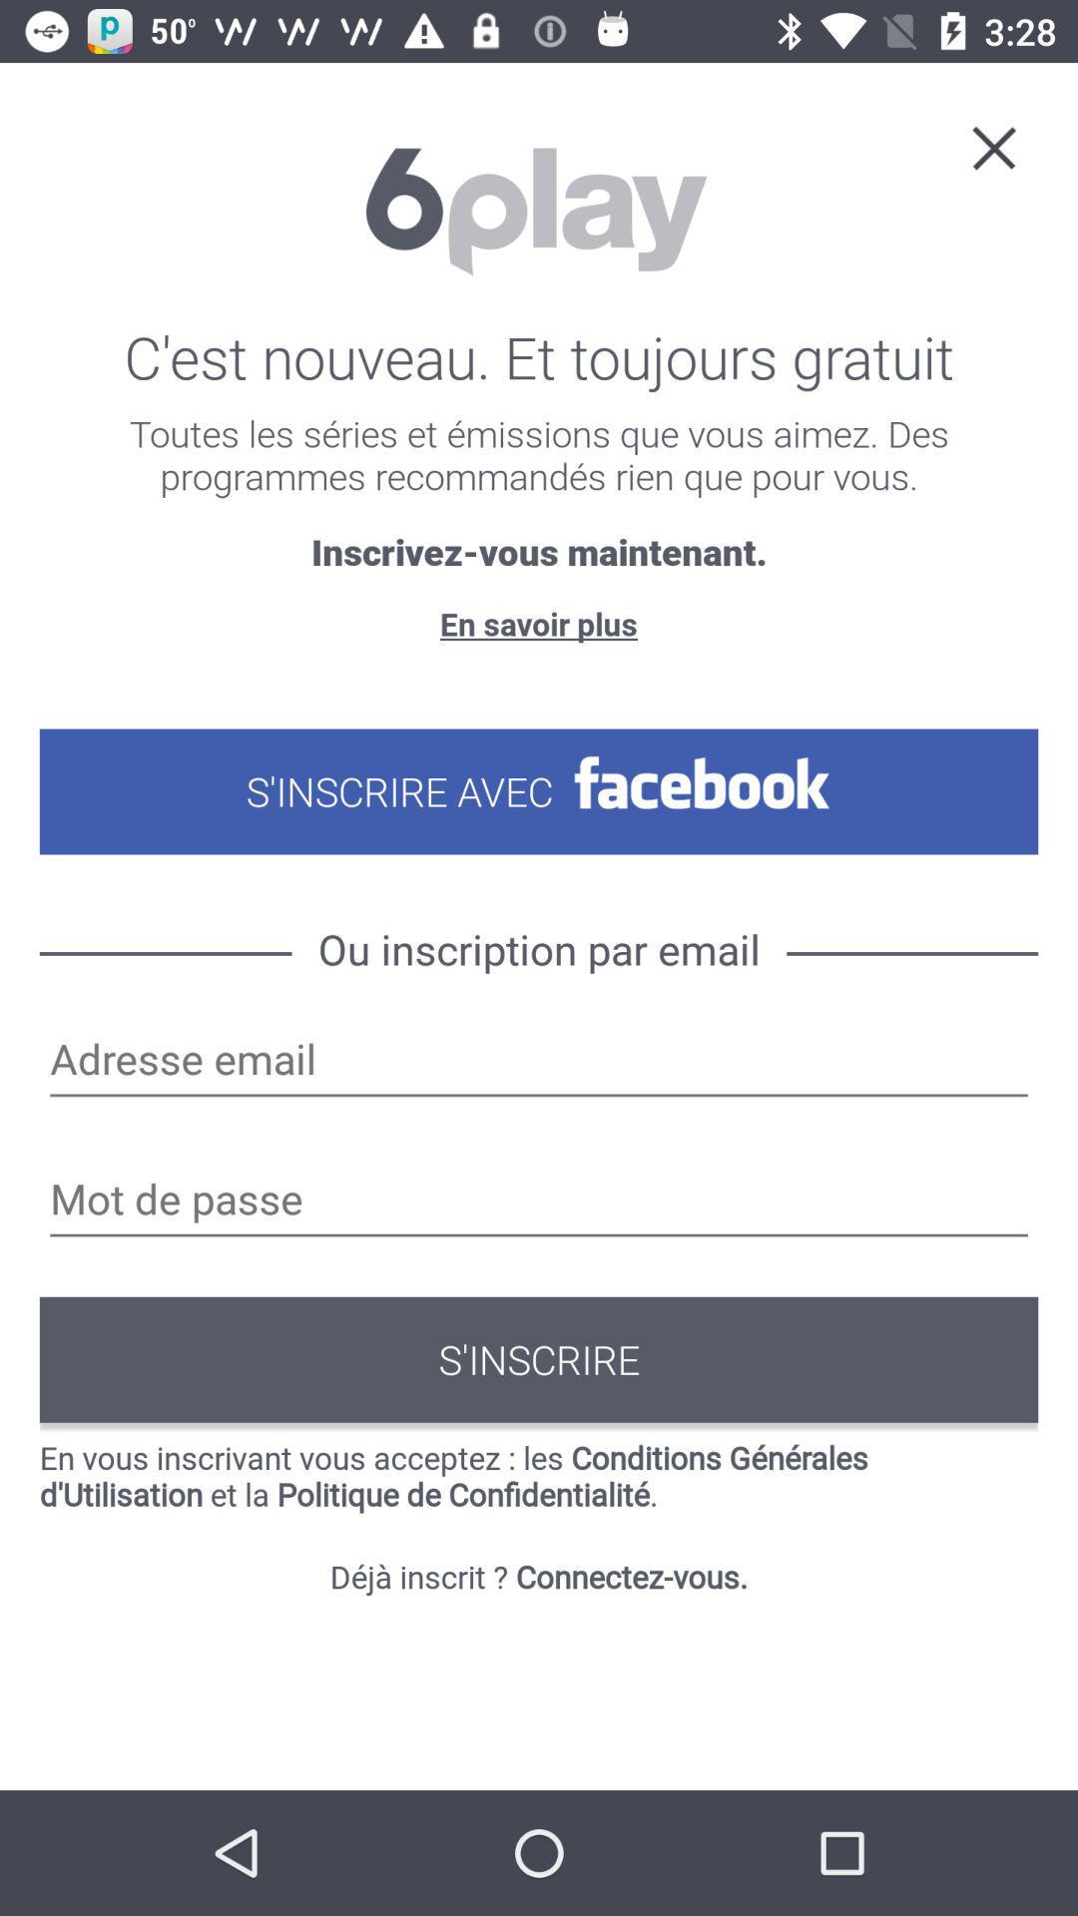 This screenshot has height=1916, width=1078. What do you see at coordinates (539, 1200) in the screenshot?
I see `the item above s'inscrire item` at bounding box center [539, 1200].